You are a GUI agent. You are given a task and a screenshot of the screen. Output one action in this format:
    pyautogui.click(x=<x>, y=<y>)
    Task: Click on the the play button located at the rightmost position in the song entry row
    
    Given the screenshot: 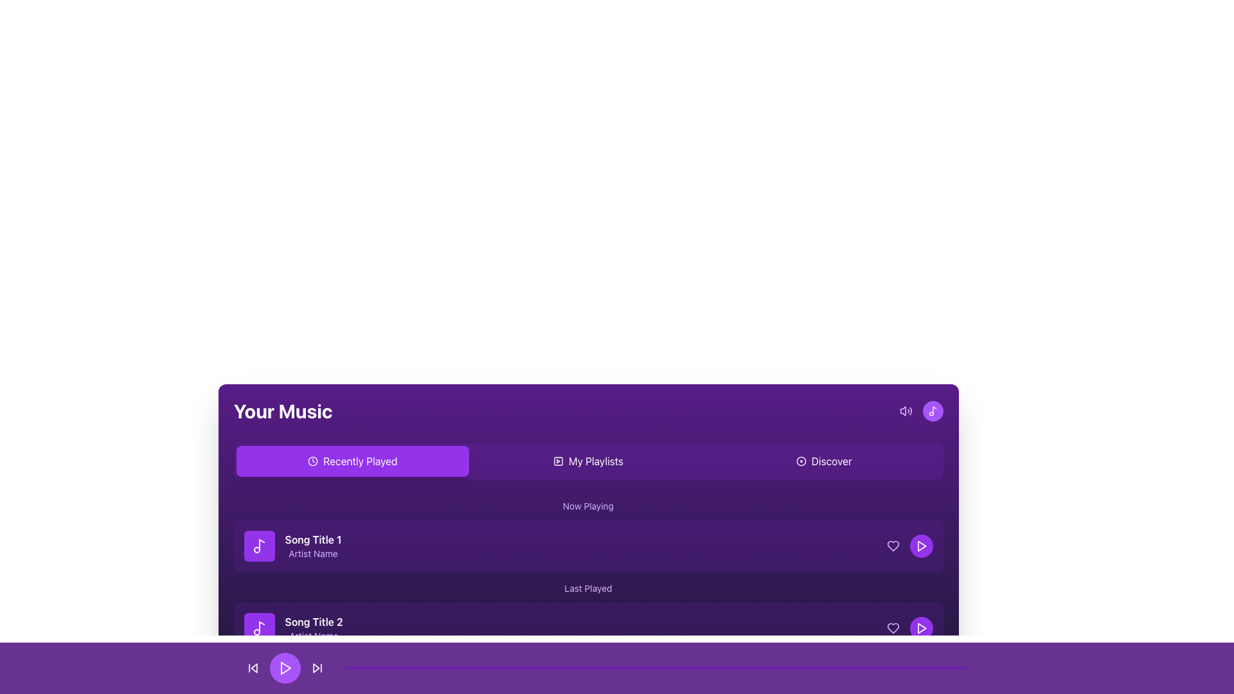 What is the action you would take?
    pyautogui.click(x=920, y=546)
    